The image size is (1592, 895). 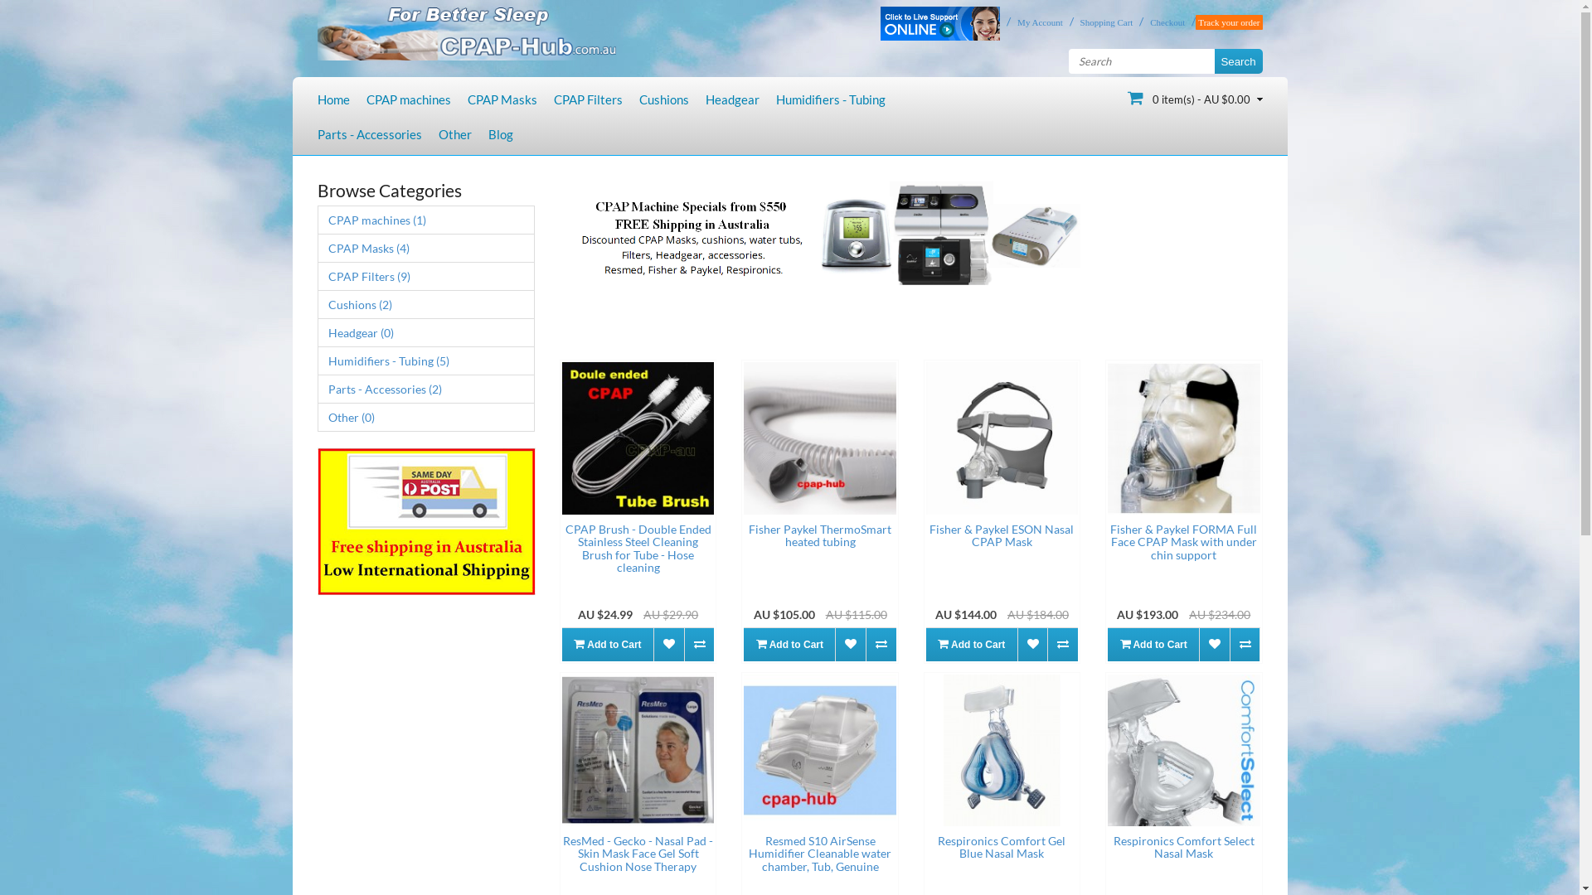 What do you see at coordinates (425, 248) in the screenshot?
I see `'CPAP Masks (4)'` at bounding box center [425, 248].